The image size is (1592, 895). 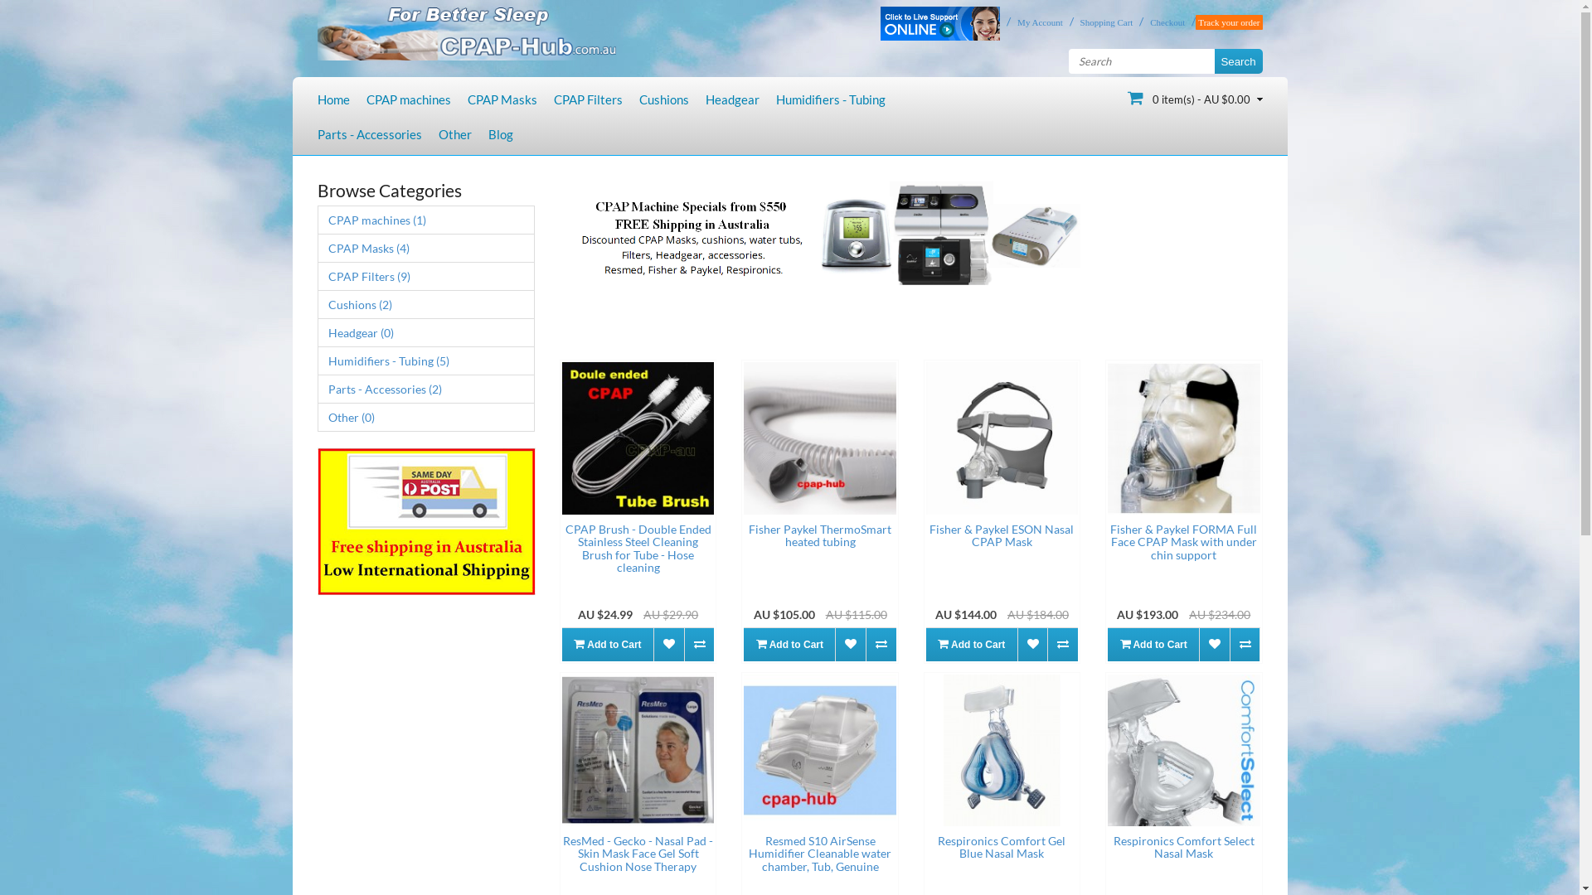 What do you see at coordinates (425, 248) in the screenshot?
I see `'CPAP Masks (4)'` at bounding box center [425, 248].